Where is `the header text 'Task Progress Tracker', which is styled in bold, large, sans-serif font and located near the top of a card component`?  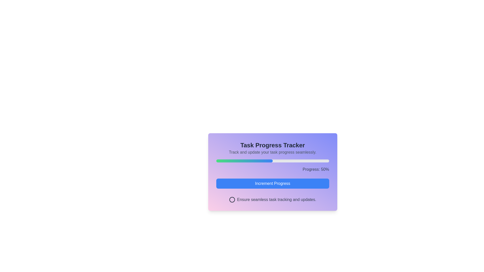
the header text 'Task Progress Tracker', which is styled in bold, large, sans-serif font and located near the top of a card component is located at coordinates (272, 145).